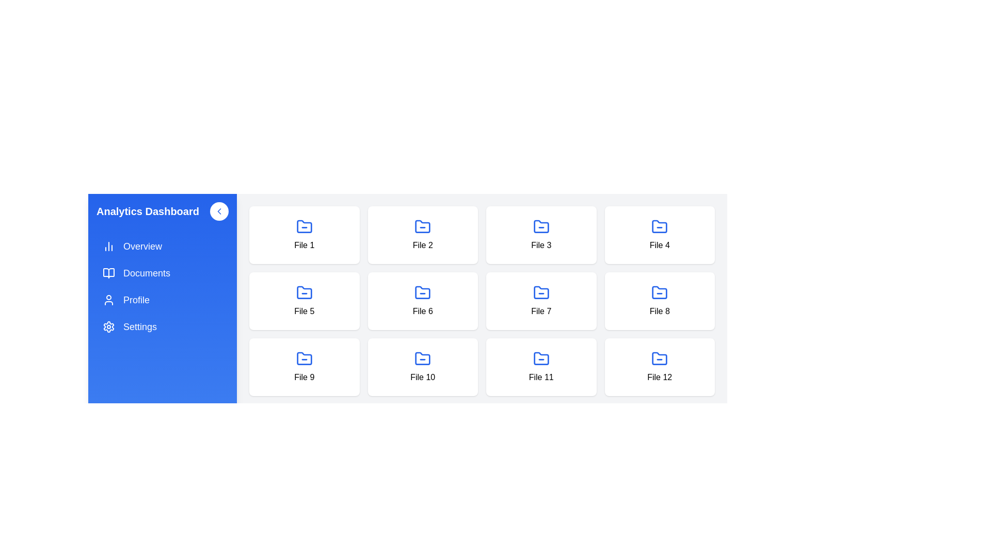  I want to click on the sidebar header text to inspect it, so click(162, 210).